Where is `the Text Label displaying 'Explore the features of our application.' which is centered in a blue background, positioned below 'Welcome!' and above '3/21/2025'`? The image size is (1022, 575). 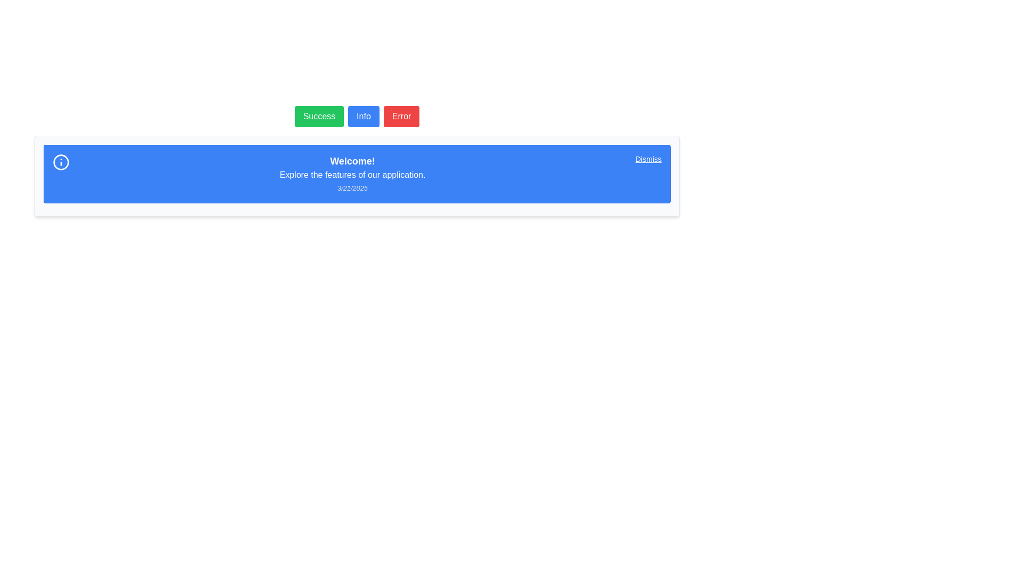
the Text Label displaying 'Explore the features of our application.' which is centered in a blue background, positioned below 'Welcome!' and above '3/21/2025' is located at coordinates (352, 174).